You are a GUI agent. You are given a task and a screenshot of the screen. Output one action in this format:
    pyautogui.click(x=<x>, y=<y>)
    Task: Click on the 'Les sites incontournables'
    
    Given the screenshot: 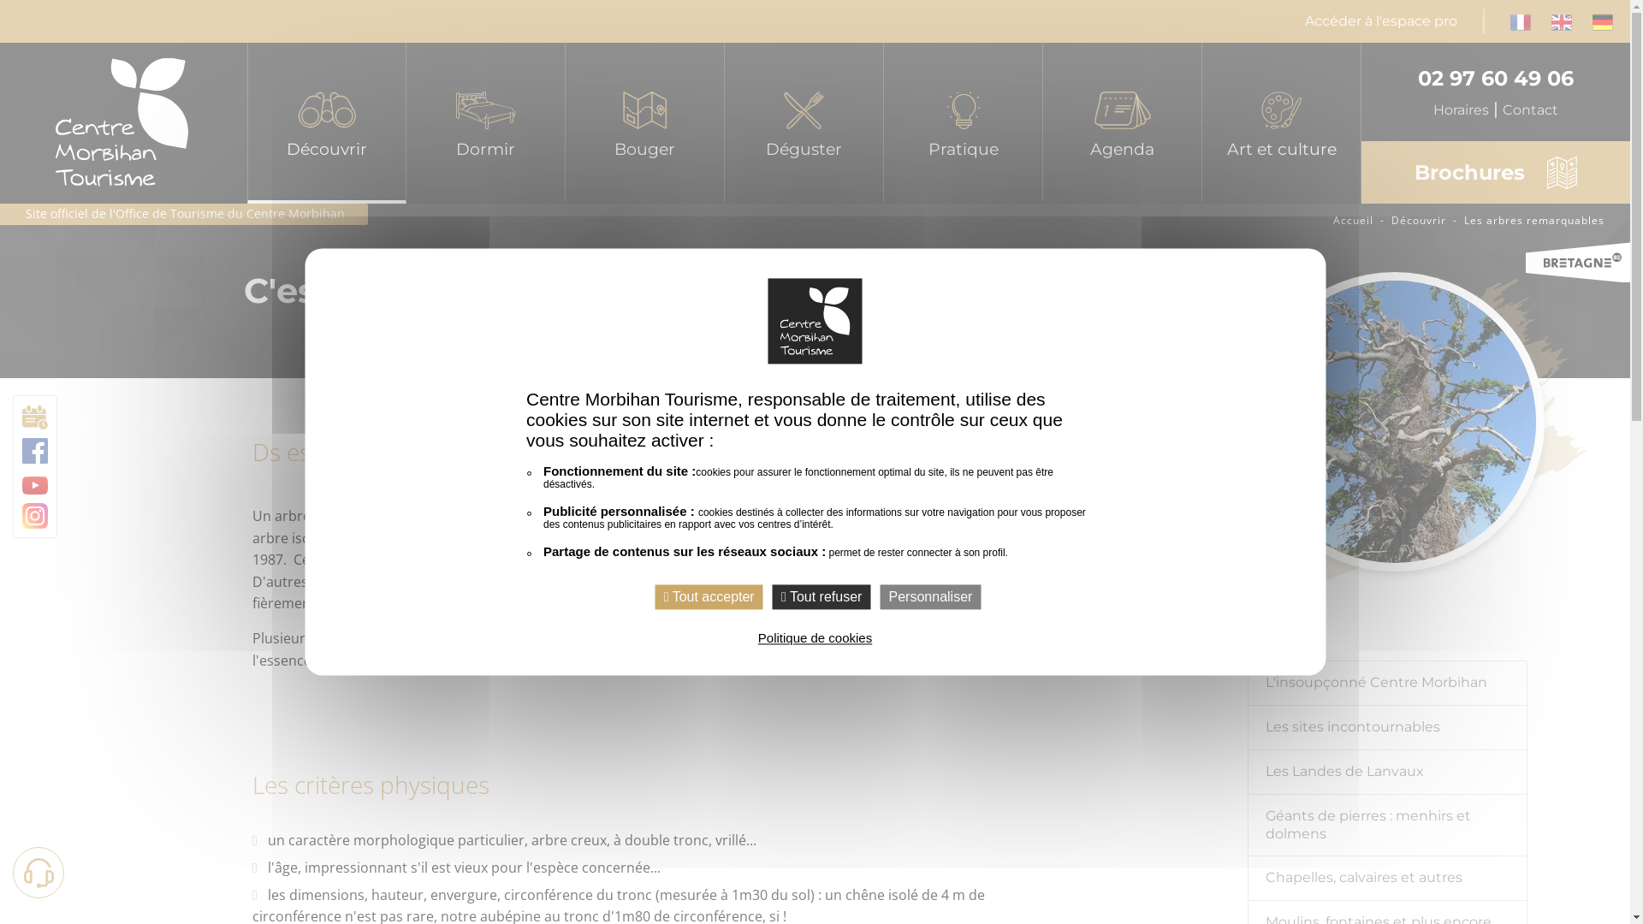 What is the action you would take?
    pyautogui.click(x=1388, y=728)
    